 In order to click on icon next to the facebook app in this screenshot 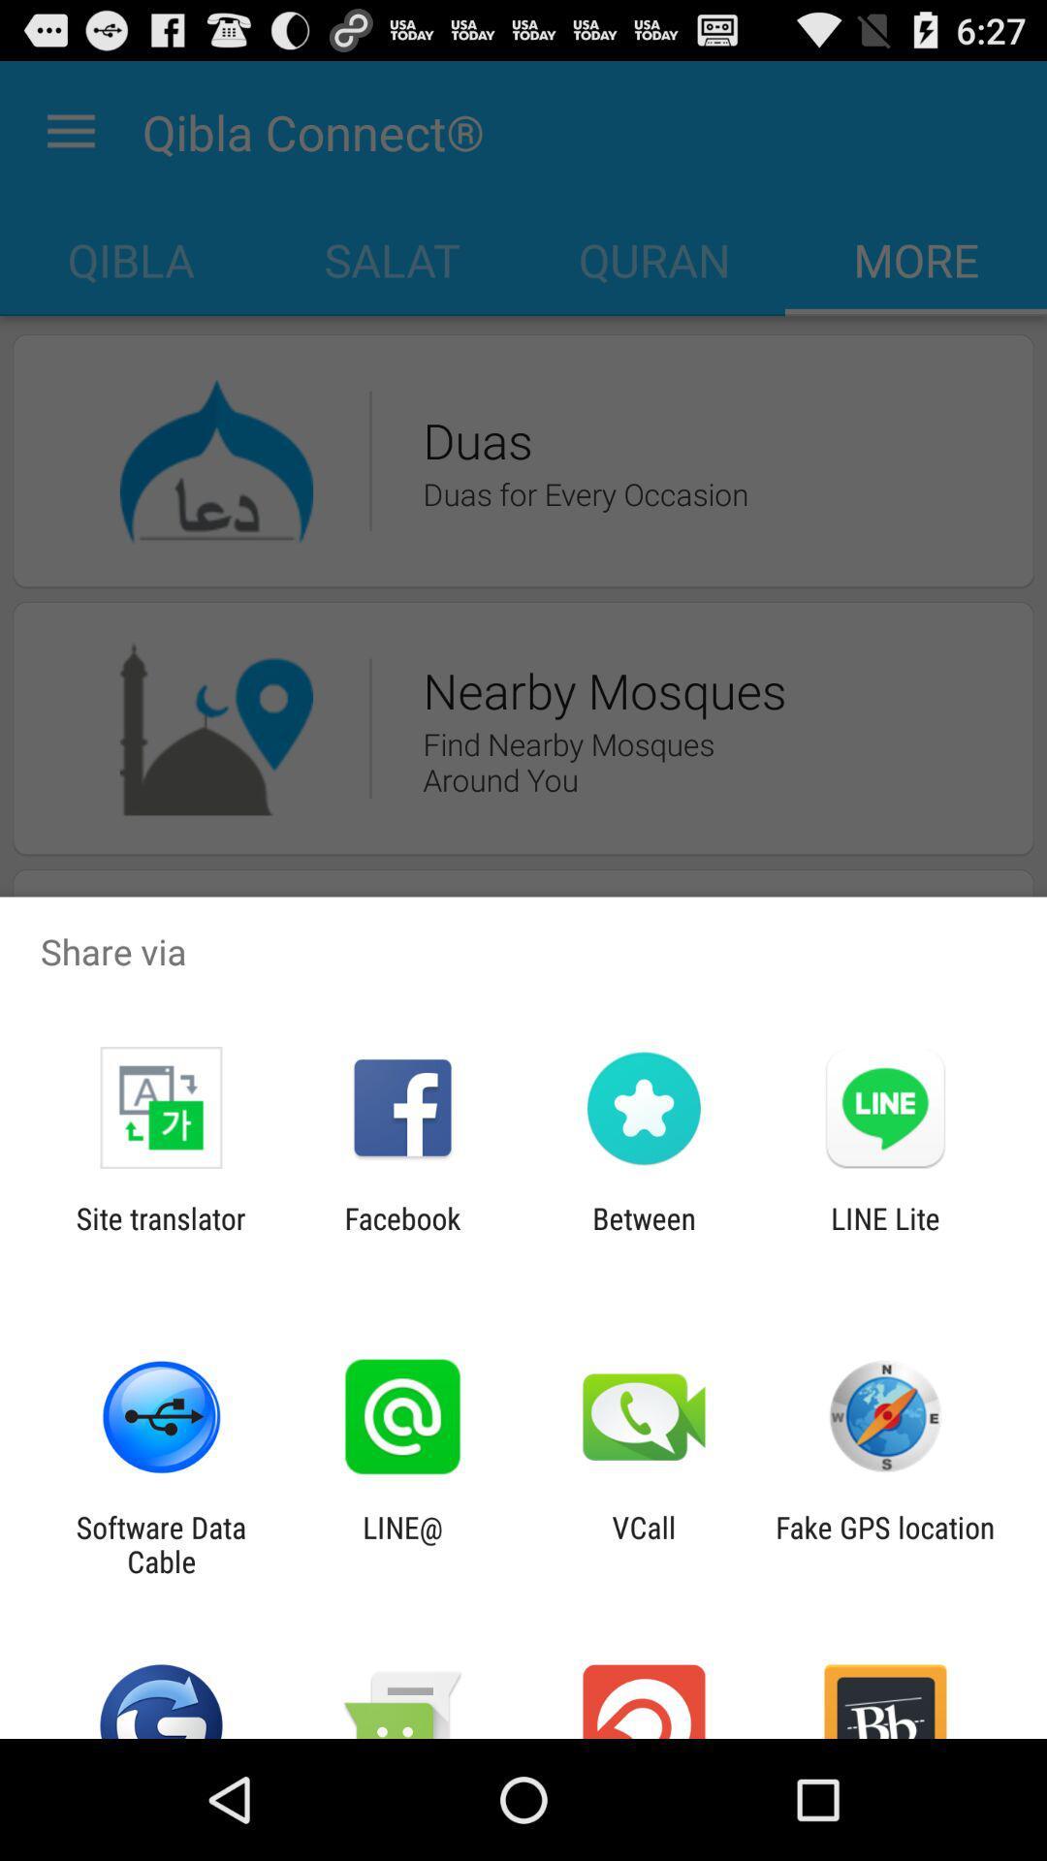, I will do `click(644, 1235)`.